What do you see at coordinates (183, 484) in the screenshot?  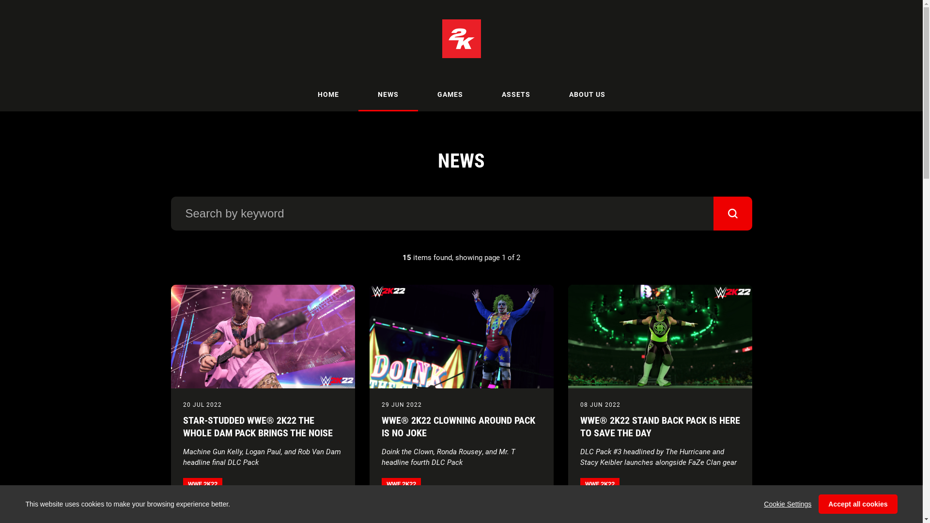 I see `'WWE 2K22'` at bounding box center [183, 484].